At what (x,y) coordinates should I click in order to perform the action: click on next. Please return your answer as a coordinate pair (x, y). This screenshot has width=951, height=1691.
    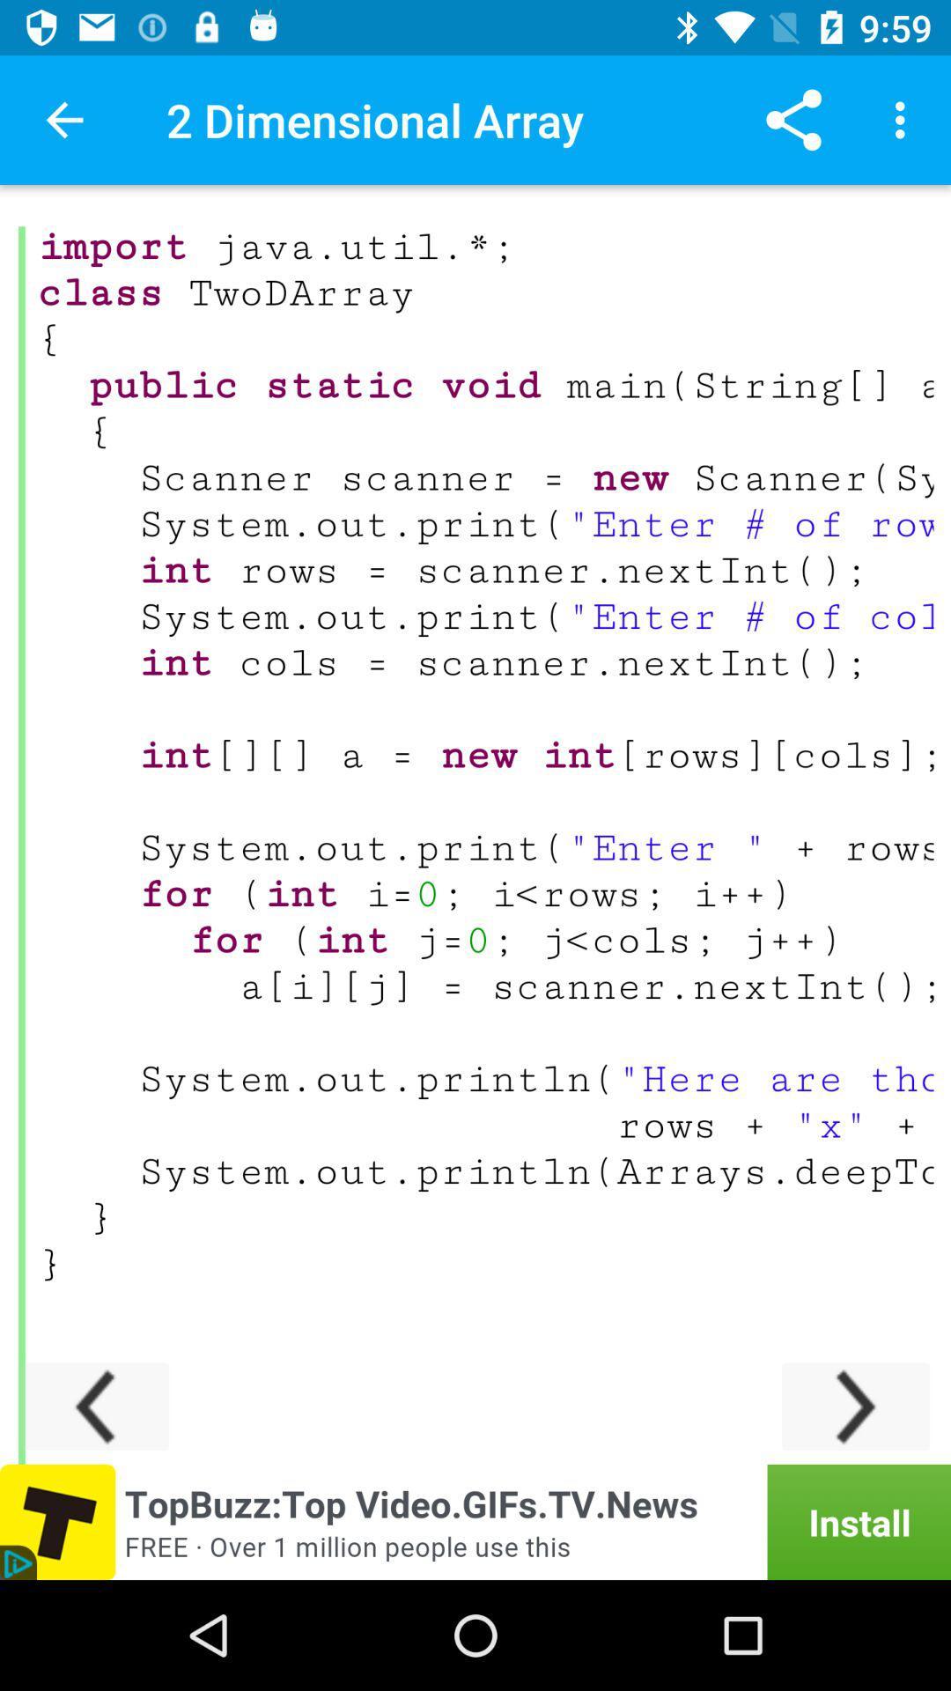
    Looking at the image, I should click on (855, 1406).